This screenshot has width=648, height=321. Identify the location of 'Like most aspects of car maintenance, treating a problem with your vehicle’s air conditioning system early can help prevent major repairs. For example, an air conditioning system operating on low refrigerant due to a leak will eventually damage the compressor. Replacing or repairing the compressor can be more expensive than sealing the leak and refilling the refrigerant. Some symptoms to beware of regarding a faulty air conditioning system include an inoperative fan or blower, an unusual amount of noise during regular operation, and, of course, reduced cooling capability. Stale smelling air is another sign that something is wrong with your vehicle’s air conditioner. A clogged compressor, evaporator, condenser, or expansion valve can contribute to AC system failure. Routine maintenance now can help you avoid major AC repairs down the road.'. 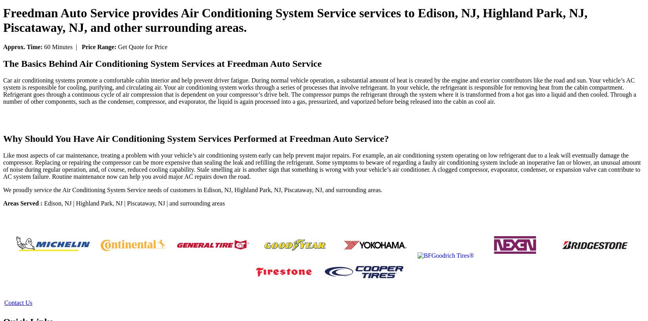
(3, 165).